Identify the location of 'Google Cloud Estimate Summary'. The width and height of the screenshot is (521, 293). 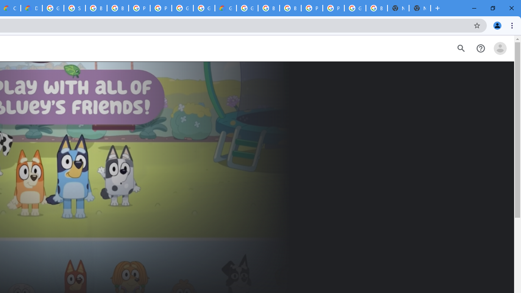
(225, 8).